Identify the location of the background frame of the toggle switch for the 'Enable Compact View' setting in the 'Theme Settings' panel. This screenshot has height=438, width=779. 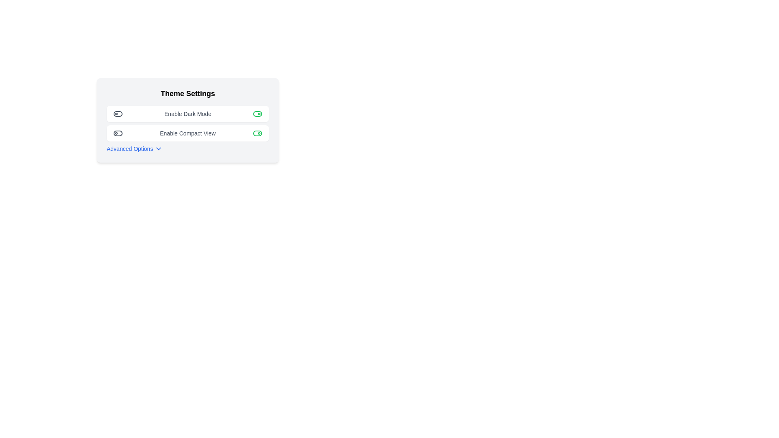
(257, 133).